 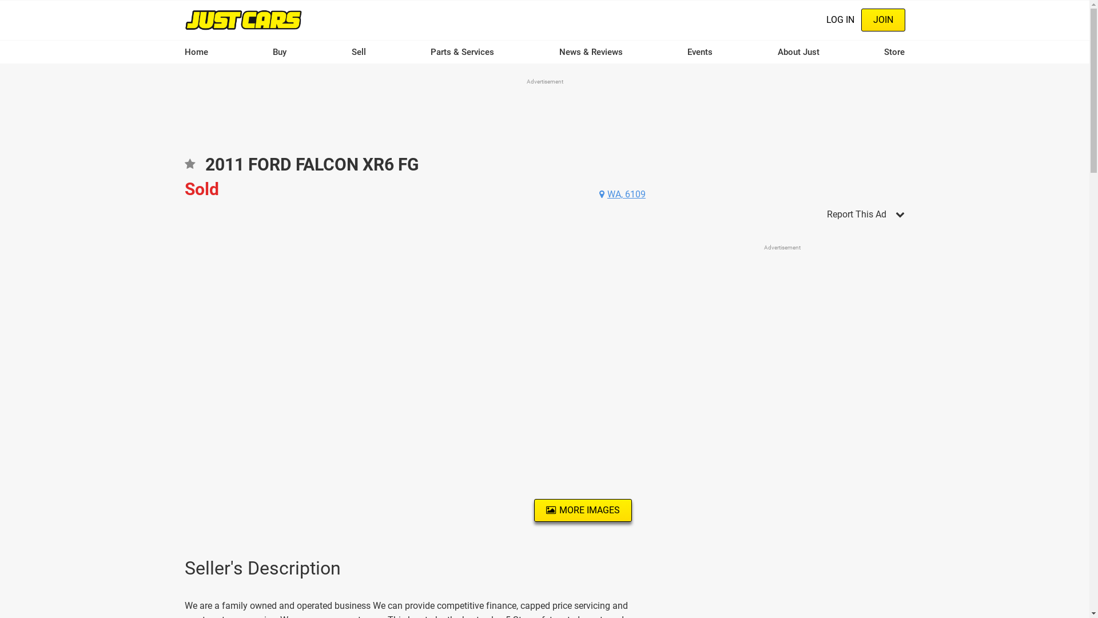 What do you see at coordinates (189, 168) in the screenshot?
I see `'Add to favourites'` at bounding box center [189, 168].